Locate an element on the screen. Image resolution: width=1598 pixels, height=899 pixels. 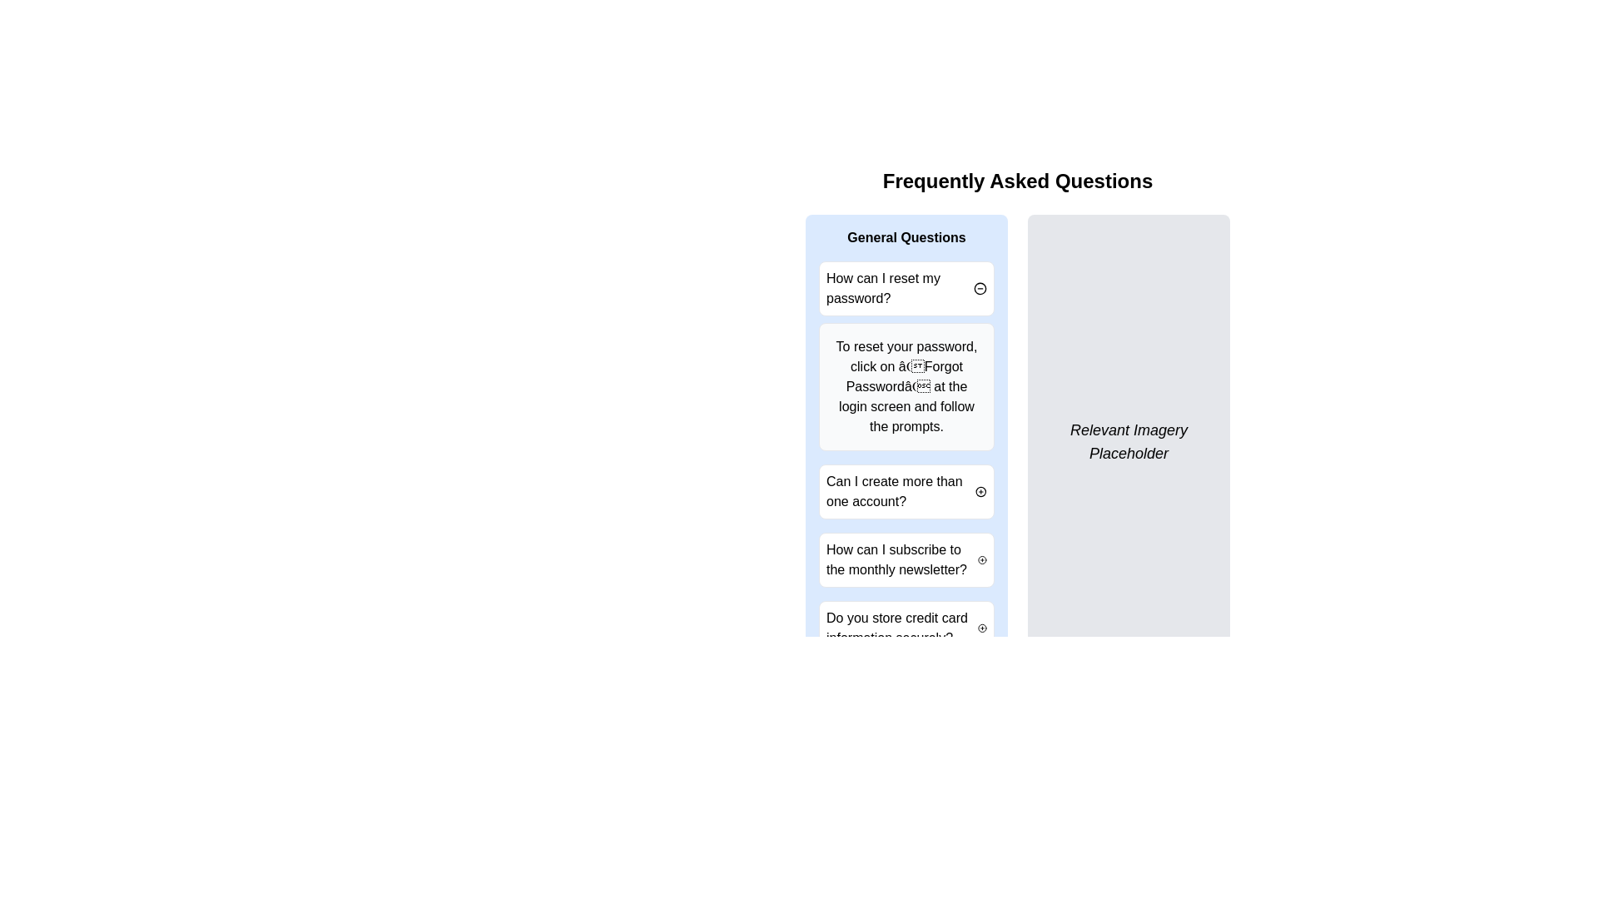
the informational text box that displays supplementary information related to resetting a password, located under the 'How can I reset my password?' question in the FAQ section is located at coordinates (906, 387).